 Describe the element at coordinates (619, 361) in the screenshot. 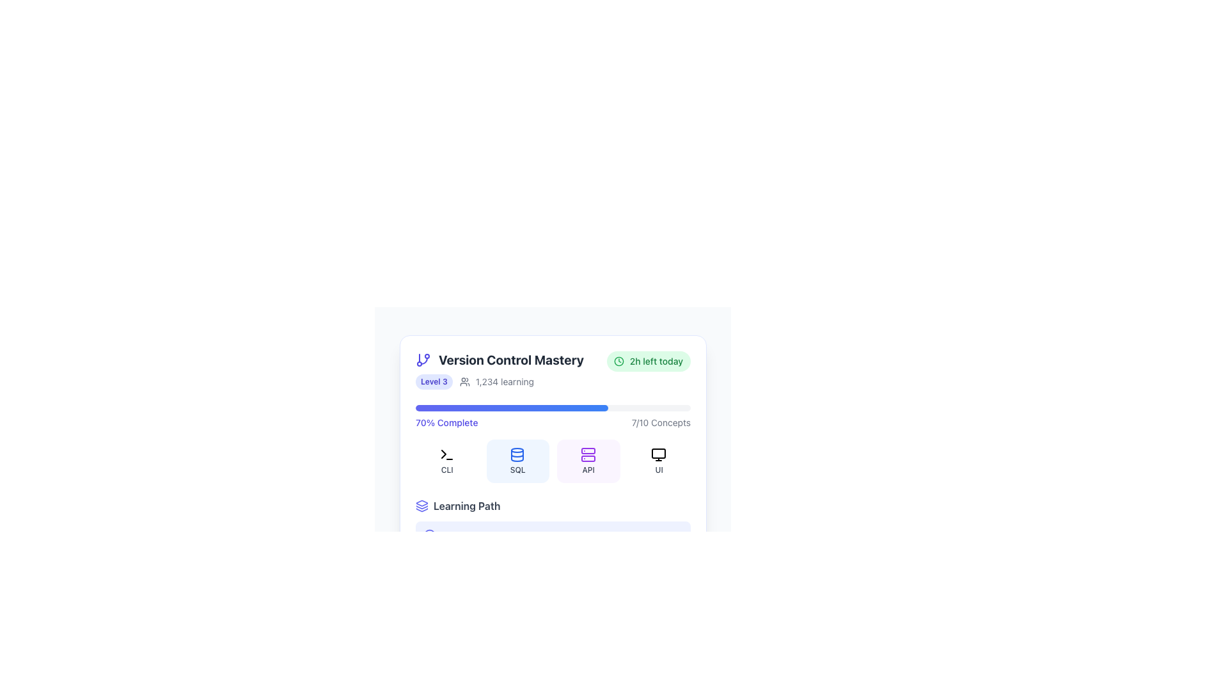

I see `circular border of the clock icon within the SVG graphic, which is located in the top-right corner of a course information card` at that location.